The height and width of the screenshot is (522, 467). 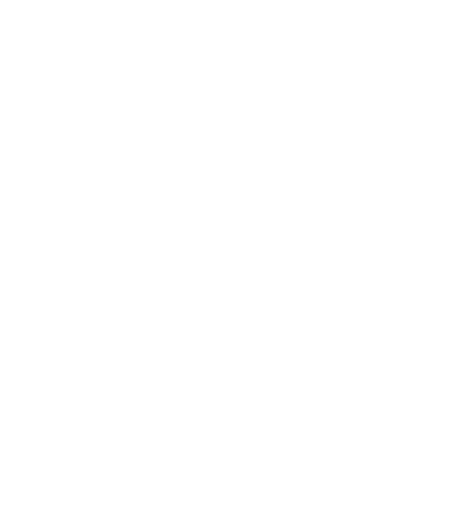 I want to click on 'Terms of Use', so click(x=402, y=415).